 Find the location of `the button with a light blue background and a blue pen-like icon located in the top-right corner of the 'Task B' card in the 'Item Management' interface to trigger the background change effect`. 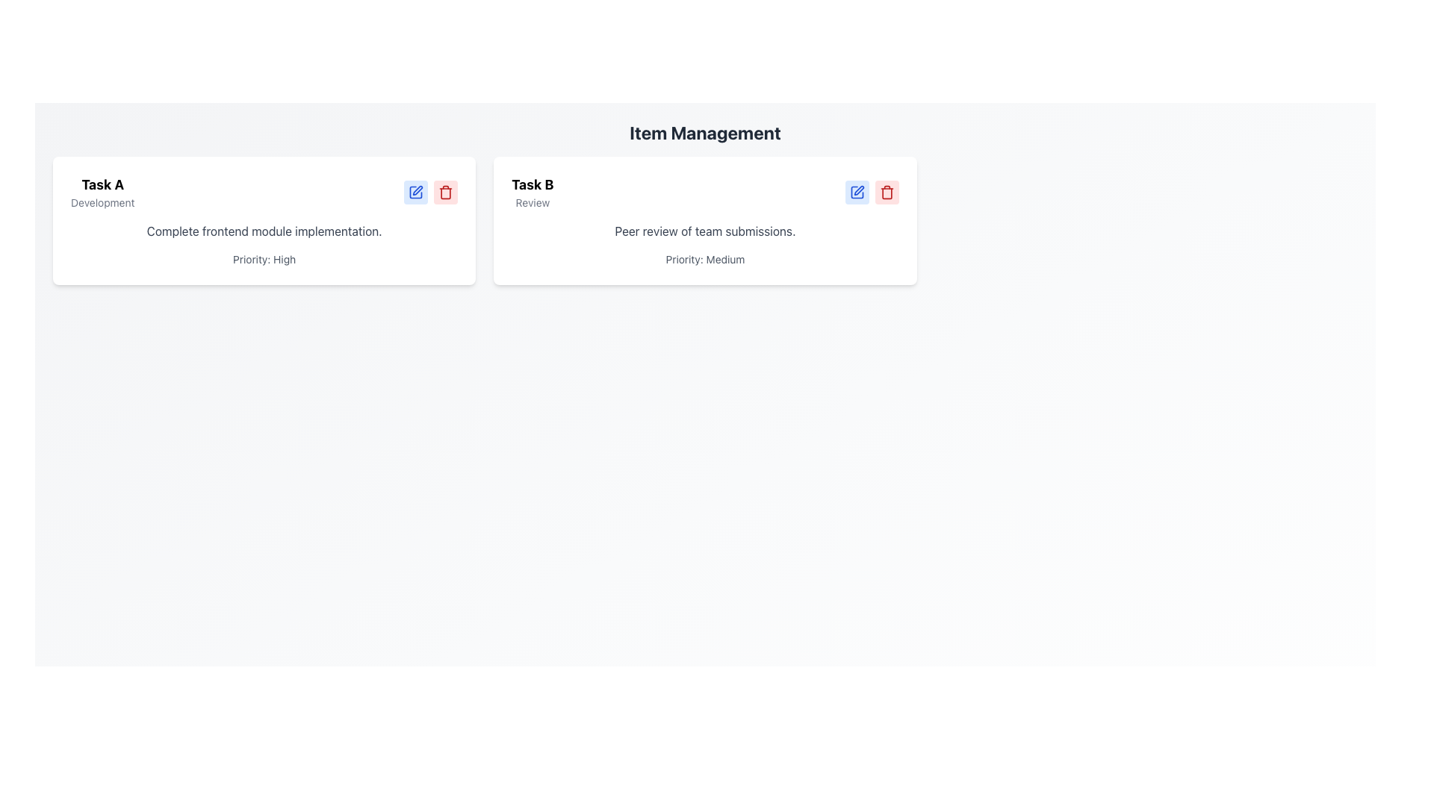

the button with a light blue background and a blue pen-like icon located in the top-right corner of the 'Task B' card in the 'Item Management' interface to trigger the background change effect is located at coordinates (857, 192).